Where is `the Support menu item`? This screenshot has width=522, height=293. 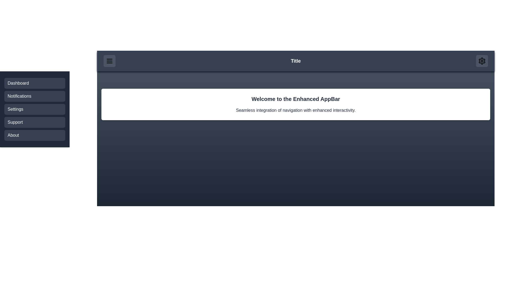
the Support menu item is located at coordinates (35, 122).